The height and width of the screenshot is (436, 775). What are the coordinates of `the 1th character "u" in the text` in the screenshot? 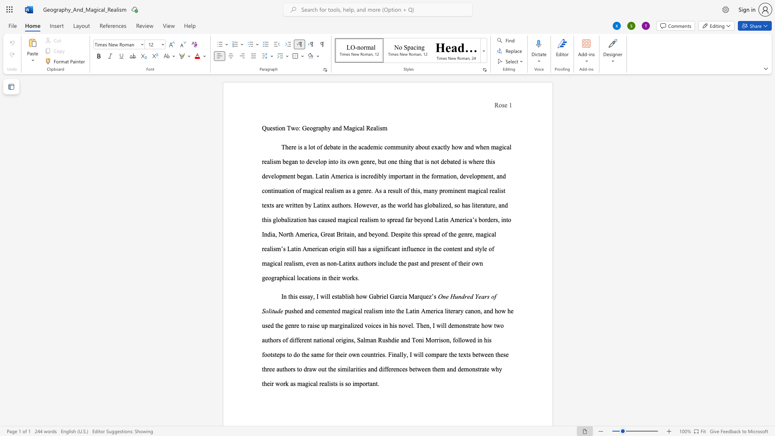 It's located at (369, 354).